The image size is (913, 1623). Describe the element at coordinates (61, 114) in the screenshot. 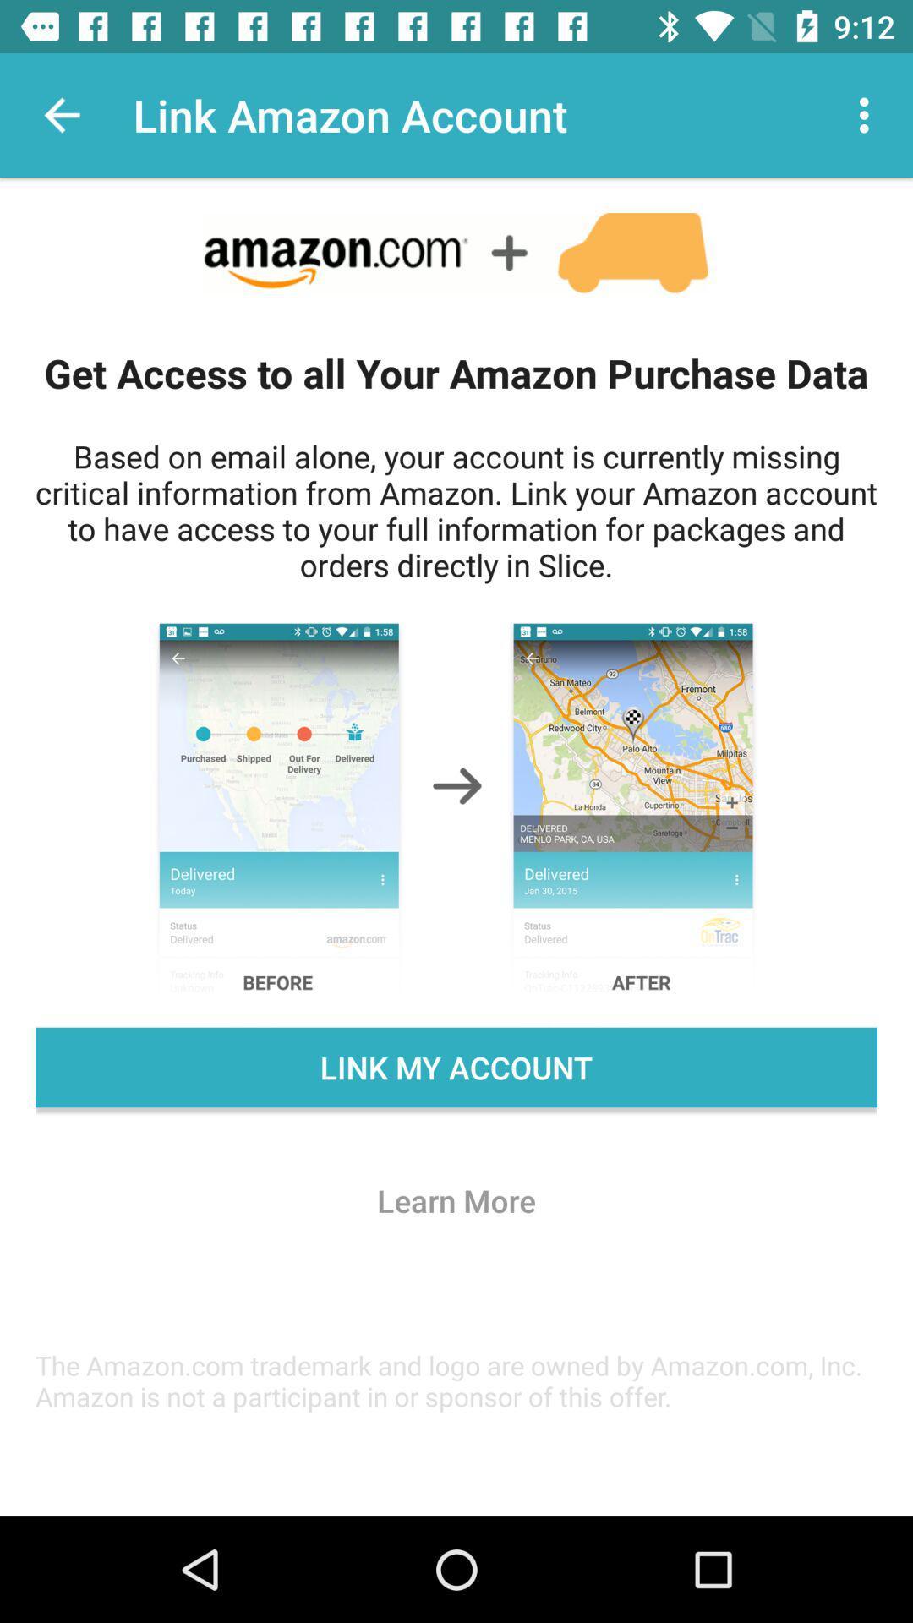

I see `the icon next to the link amazon account app` at that location.